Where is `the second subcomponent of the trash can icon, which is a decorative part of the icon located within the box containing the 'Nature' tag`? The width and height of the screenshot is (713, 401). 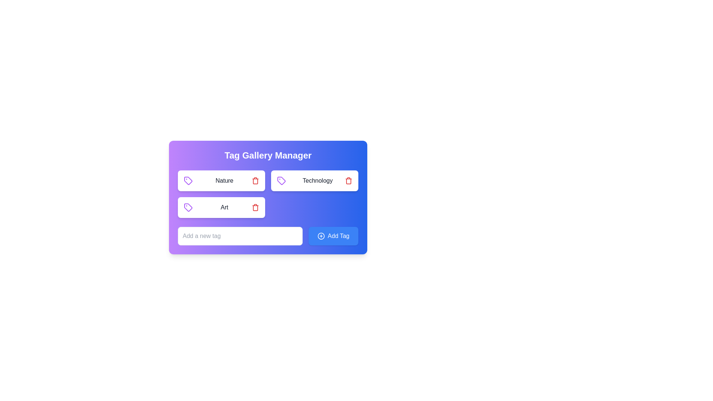
the second subcomponent of the trash can icon, which is a decorative part of the icon located within the box containing the 'Nature' tag is located at coordinates (255, 181).